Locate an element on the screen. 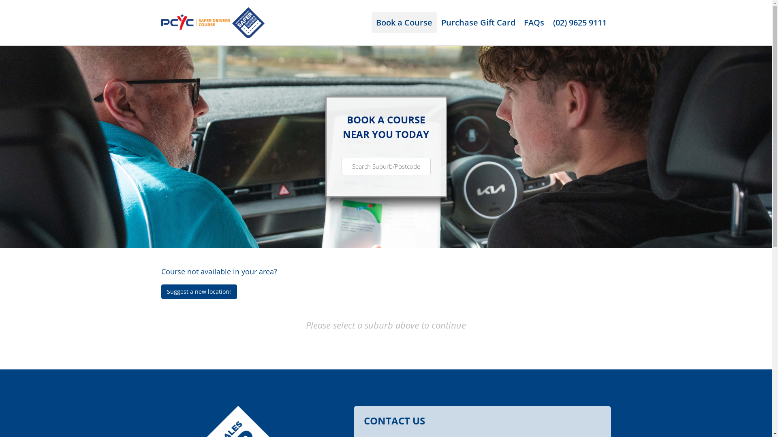 Image resolution: width=778 pixels, height=437 pixels. '(02) 9625 9111' is located at coordinates (548, 22).